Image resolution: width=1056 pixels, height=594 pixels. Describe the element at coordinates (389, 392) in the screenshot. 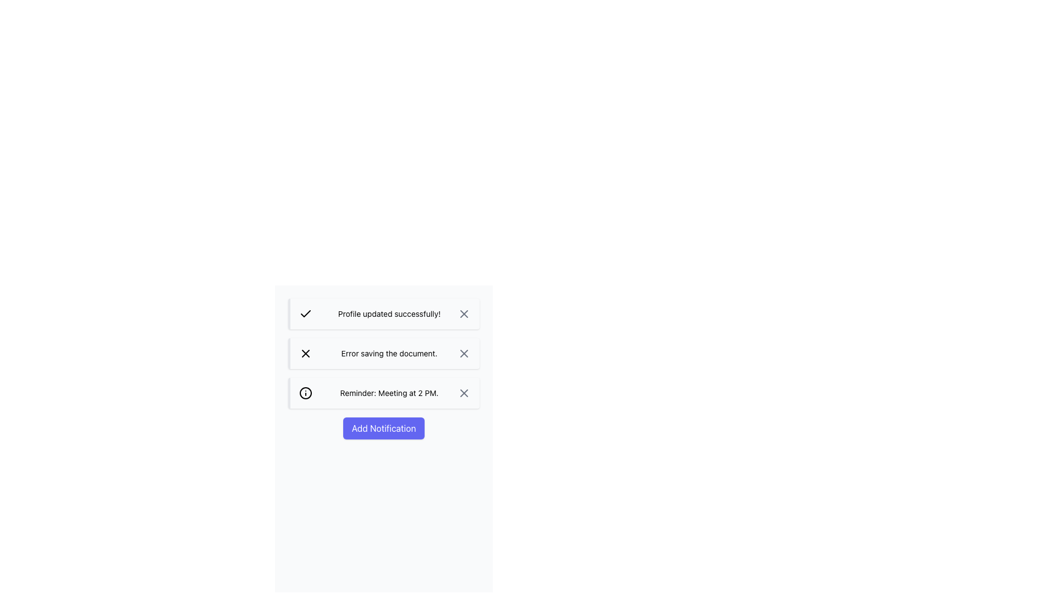

I see `the text display that shows 'Reminder: Meeting at 2 PM.' in the third notification card, positioned centrally between an icon and a close button` at that location.